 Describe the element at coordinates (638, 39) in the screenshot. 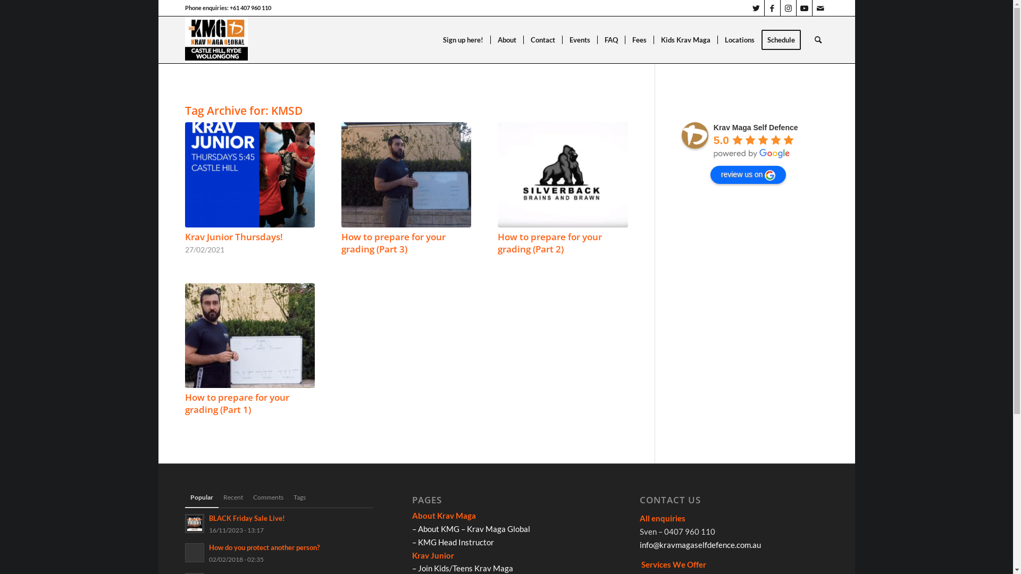

I see `'Fees'` at that location.